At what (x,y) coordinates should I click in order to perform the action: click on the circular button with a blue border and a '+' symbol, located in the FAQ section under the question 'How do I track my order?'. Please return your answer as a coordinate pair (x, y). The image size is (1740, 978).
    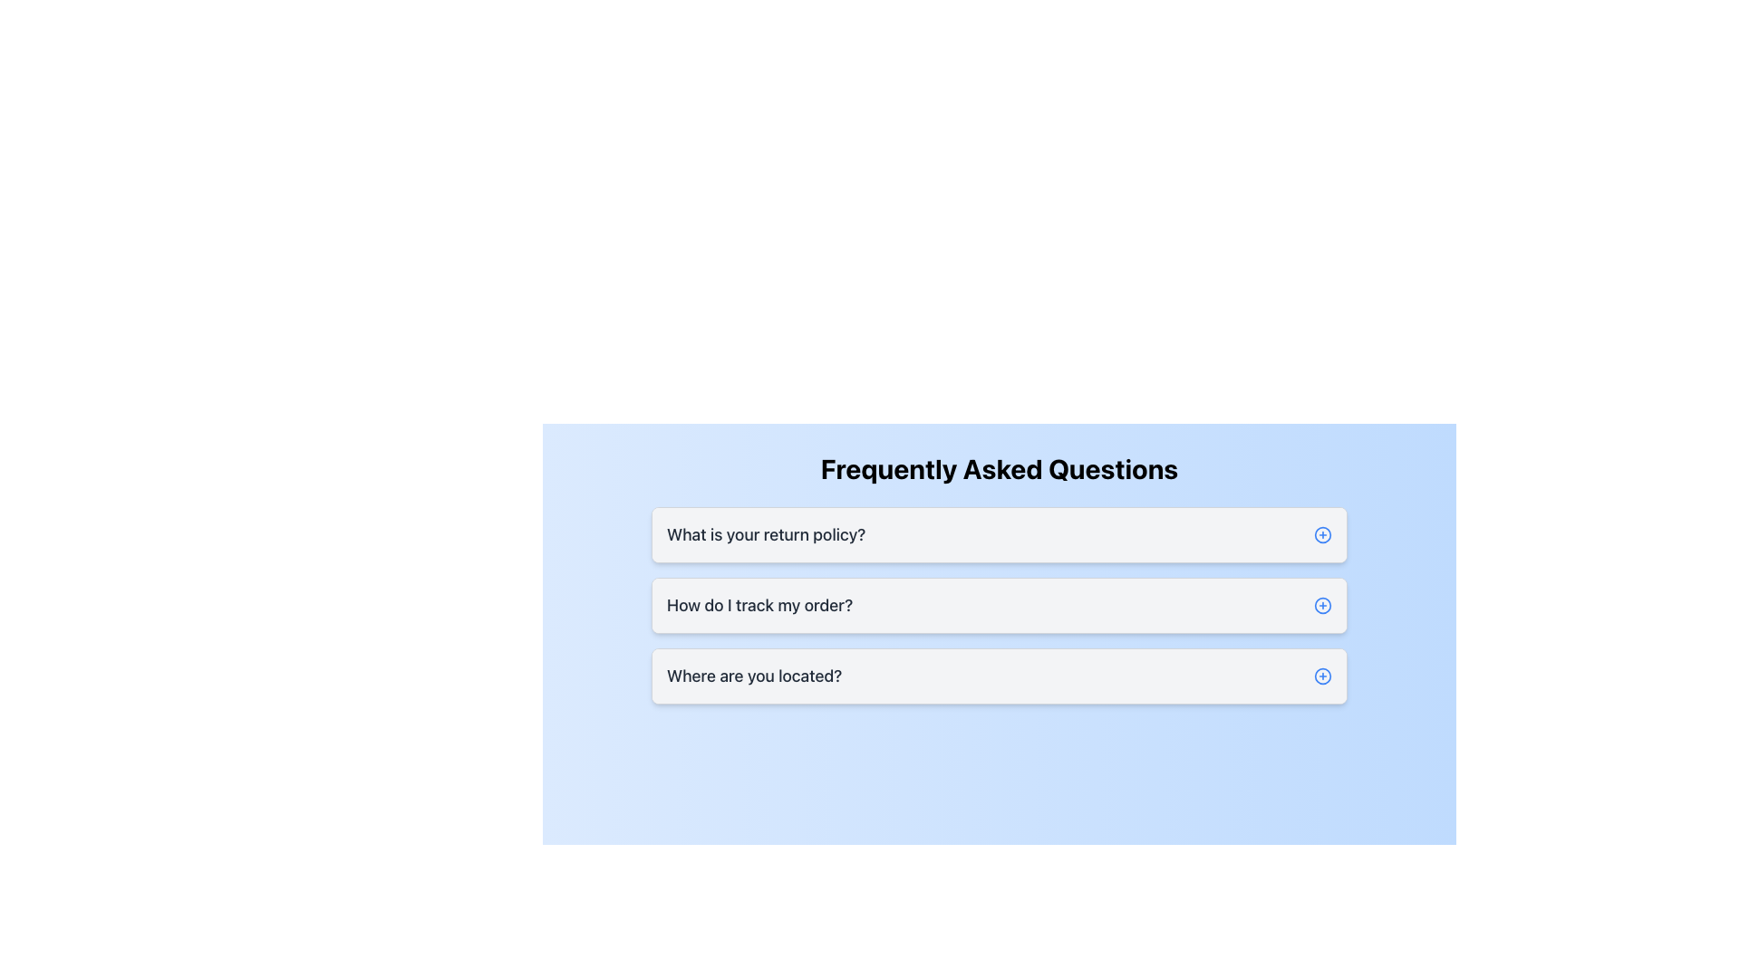
    Looking at the image, I should click on (1322, 605).